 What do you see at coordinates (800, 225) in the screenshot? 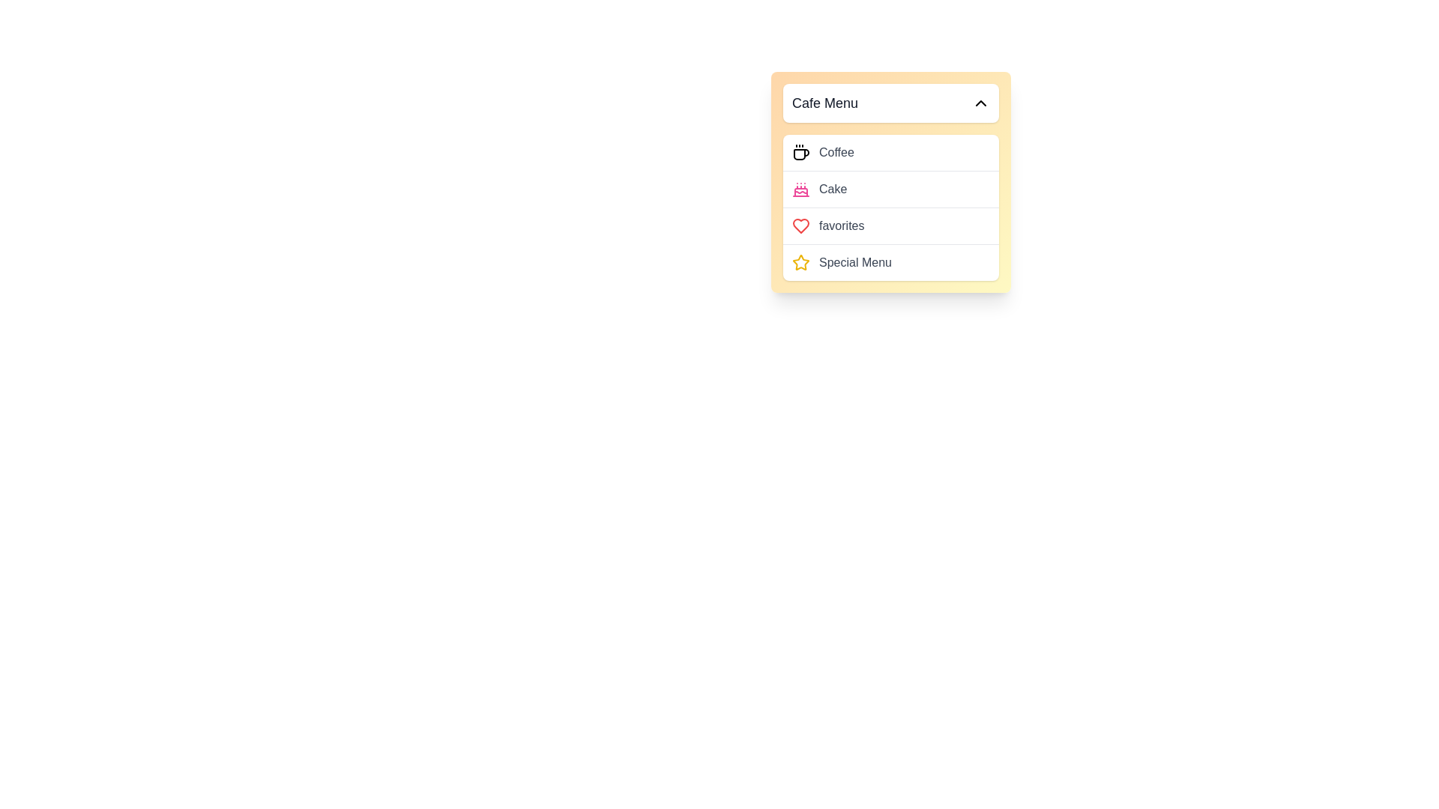
I see `the heart icon located to the left of the 'favorites' menu entry` at bounding box center [800, 225].